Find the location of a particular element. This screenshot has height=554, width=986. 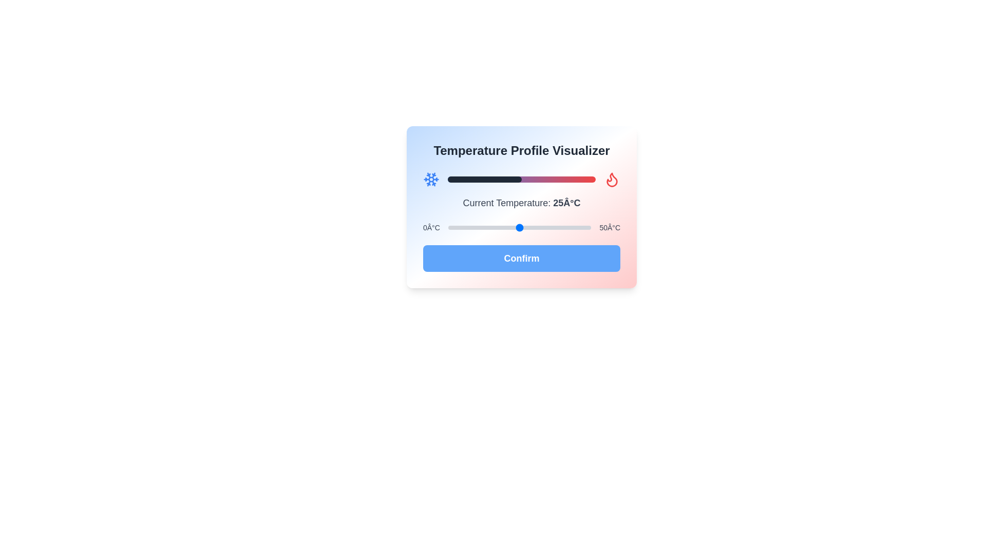

the temperature to 44°C using the slider is located at coordinates (574, 227).